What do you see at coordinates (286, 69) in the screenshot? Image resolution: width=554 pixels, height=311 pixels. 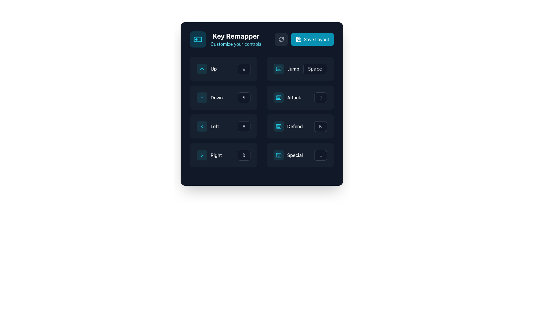 I see `the 'Jump' button, which features a cyan keyboard icon and white text, for visual feedback` at bounding box center [286, 69].